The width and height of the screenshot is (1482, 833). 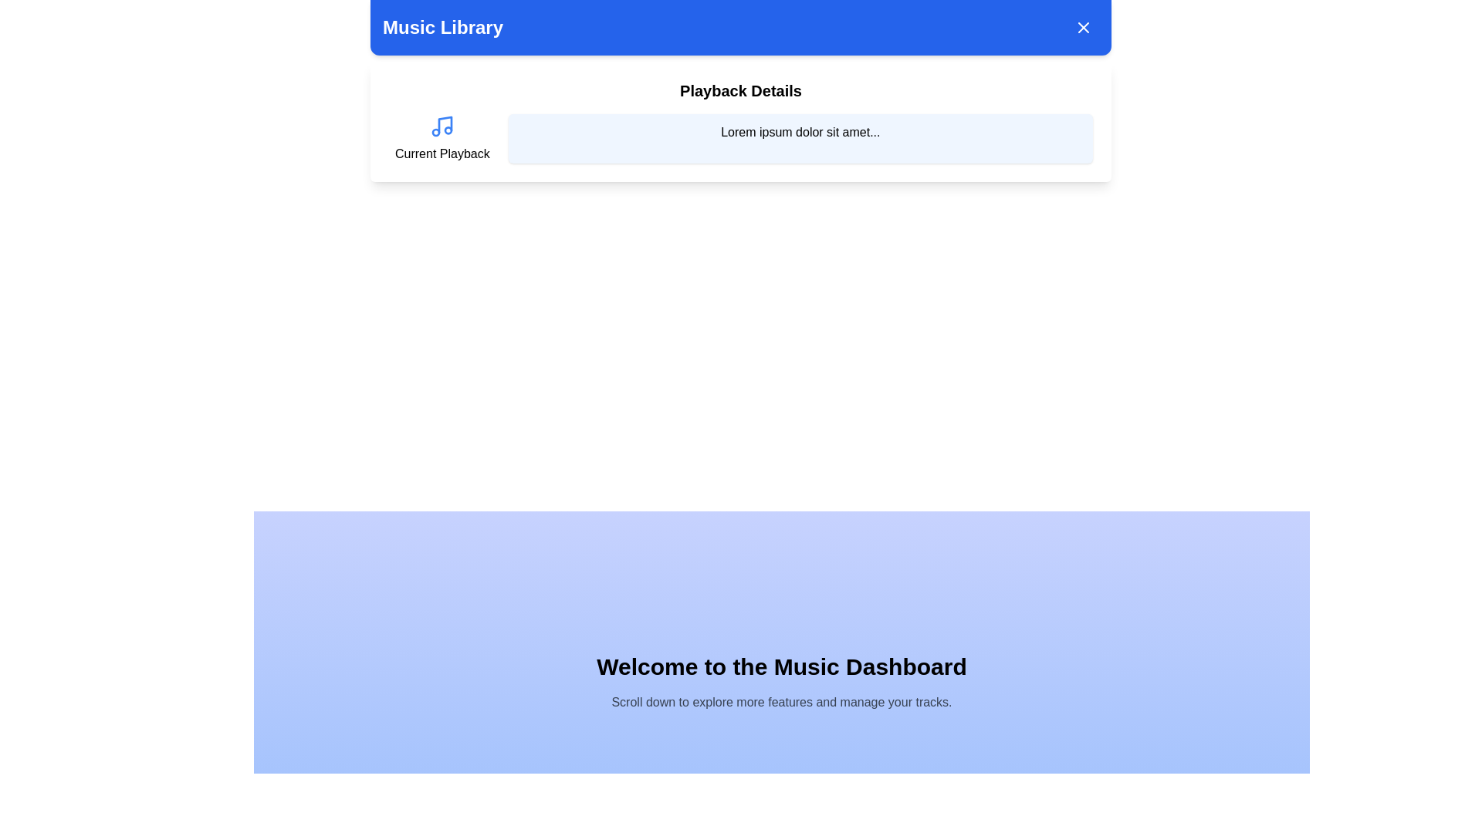 I want to click on the close button located in the top-right corner of the 'Music Library' section, so click(x=1082, y=27).